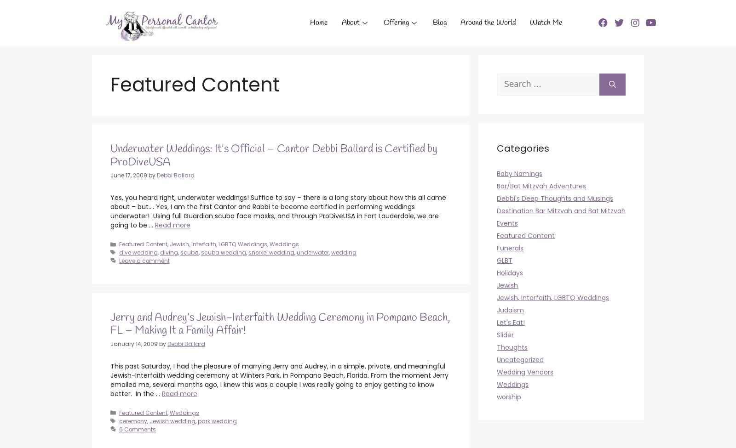  Describe the element at coordinates (367, 92) in the screenshot. I see `'Audio Prayers'` at that location.